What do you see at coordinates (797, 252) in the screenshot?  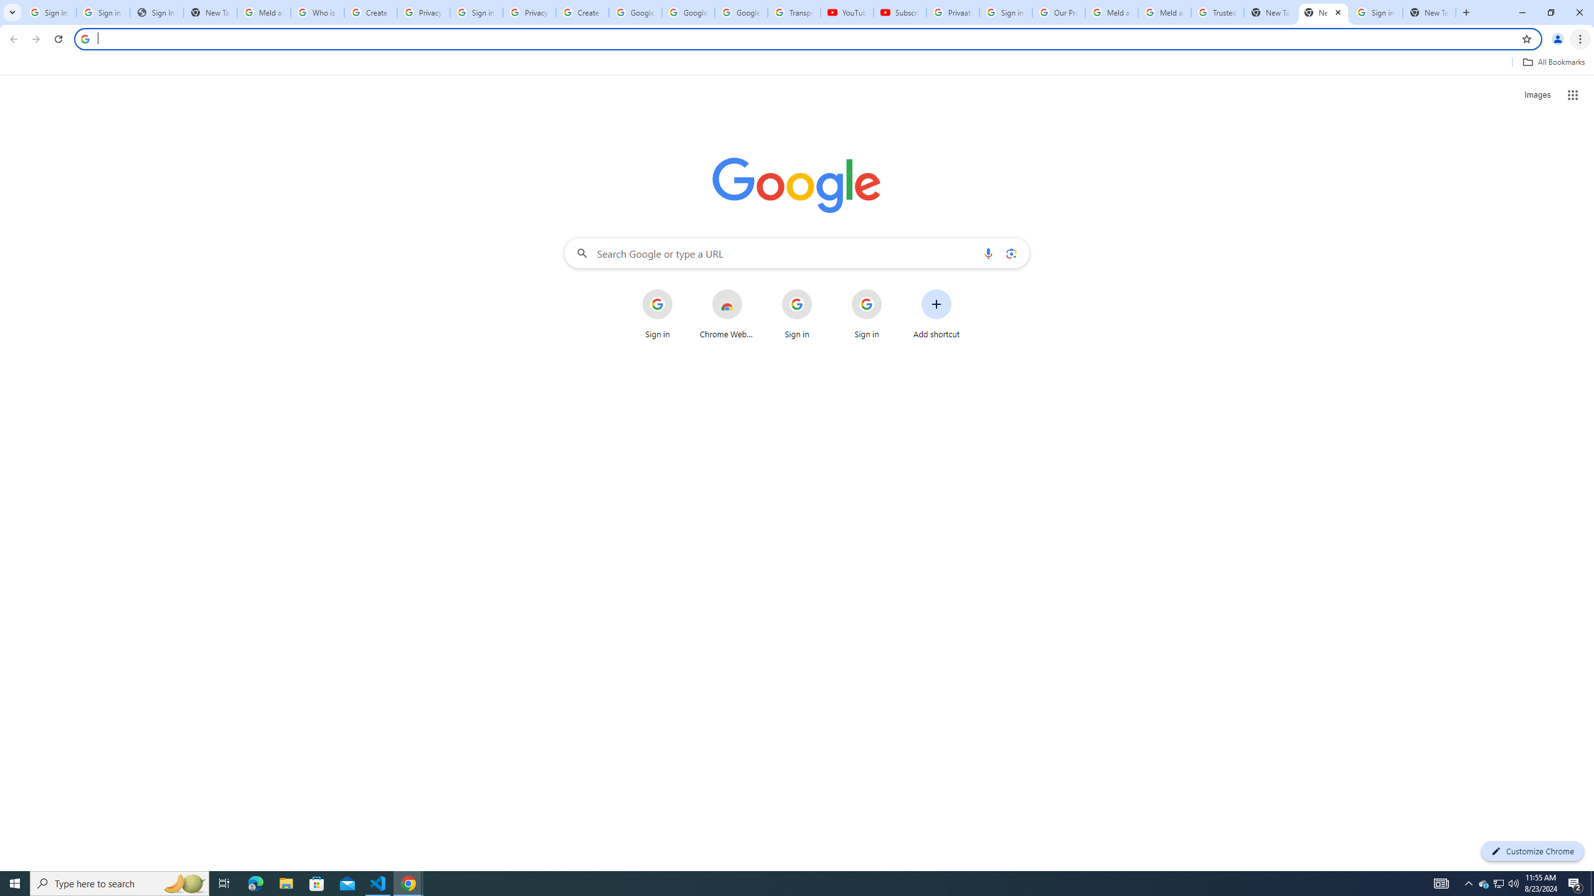 I see `'Search Google or type a URL'` at bounding box center [797, 252].